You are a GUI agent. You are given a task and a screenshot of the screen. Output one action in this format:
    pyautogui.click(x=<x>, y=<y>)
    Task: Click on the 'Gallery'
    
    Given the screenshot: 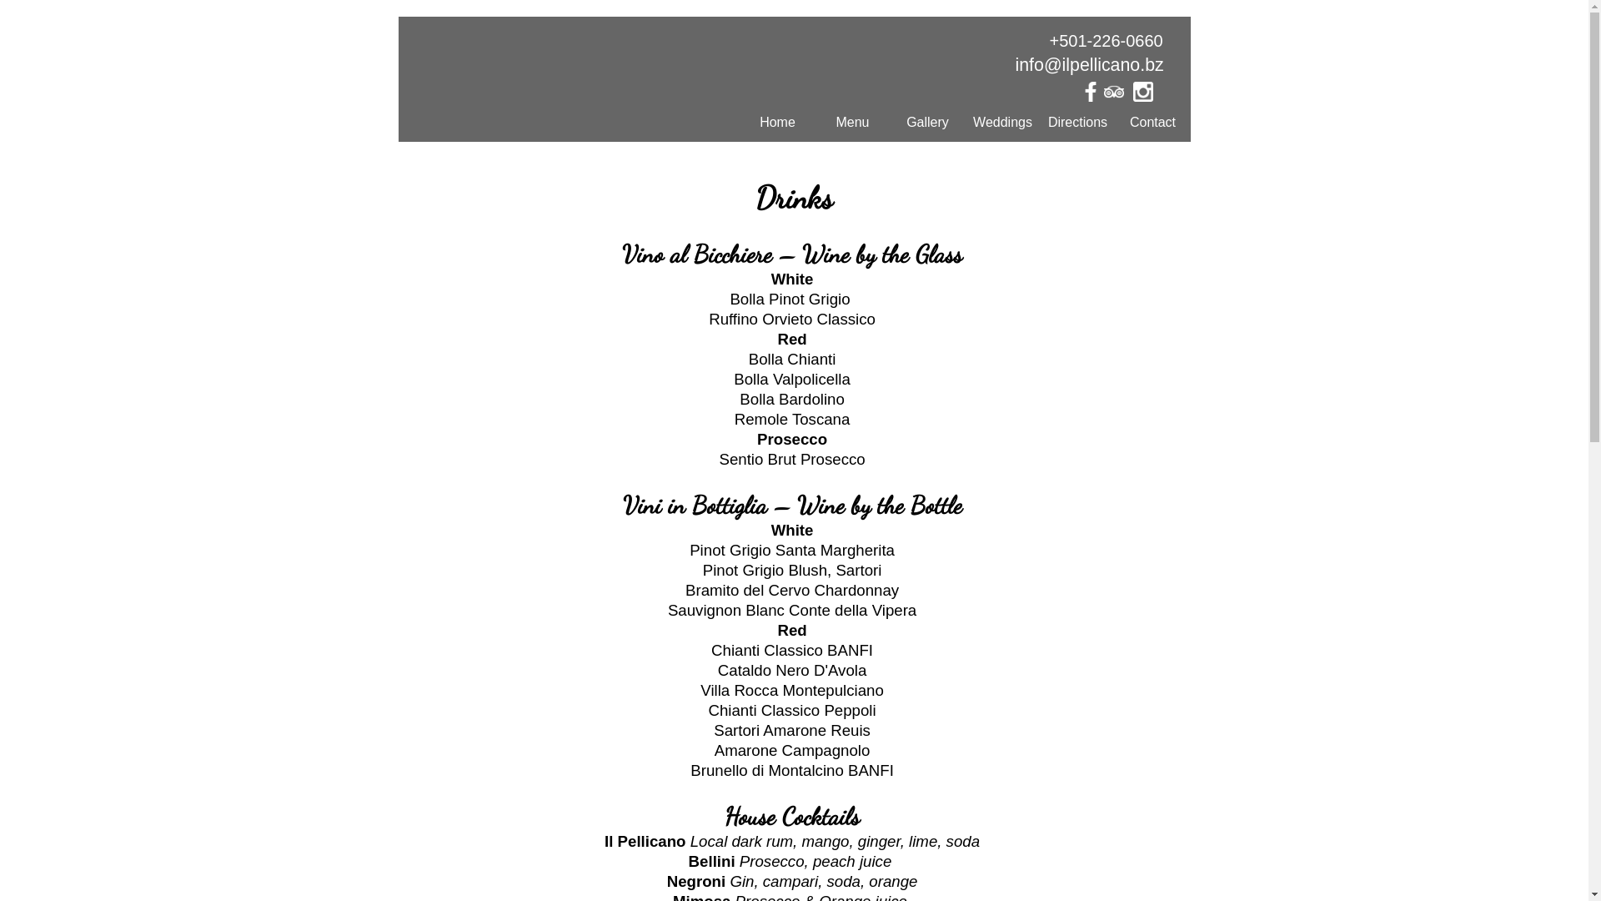 What is the action you would take?
    pyautogui.click(x=927, y=121)
    